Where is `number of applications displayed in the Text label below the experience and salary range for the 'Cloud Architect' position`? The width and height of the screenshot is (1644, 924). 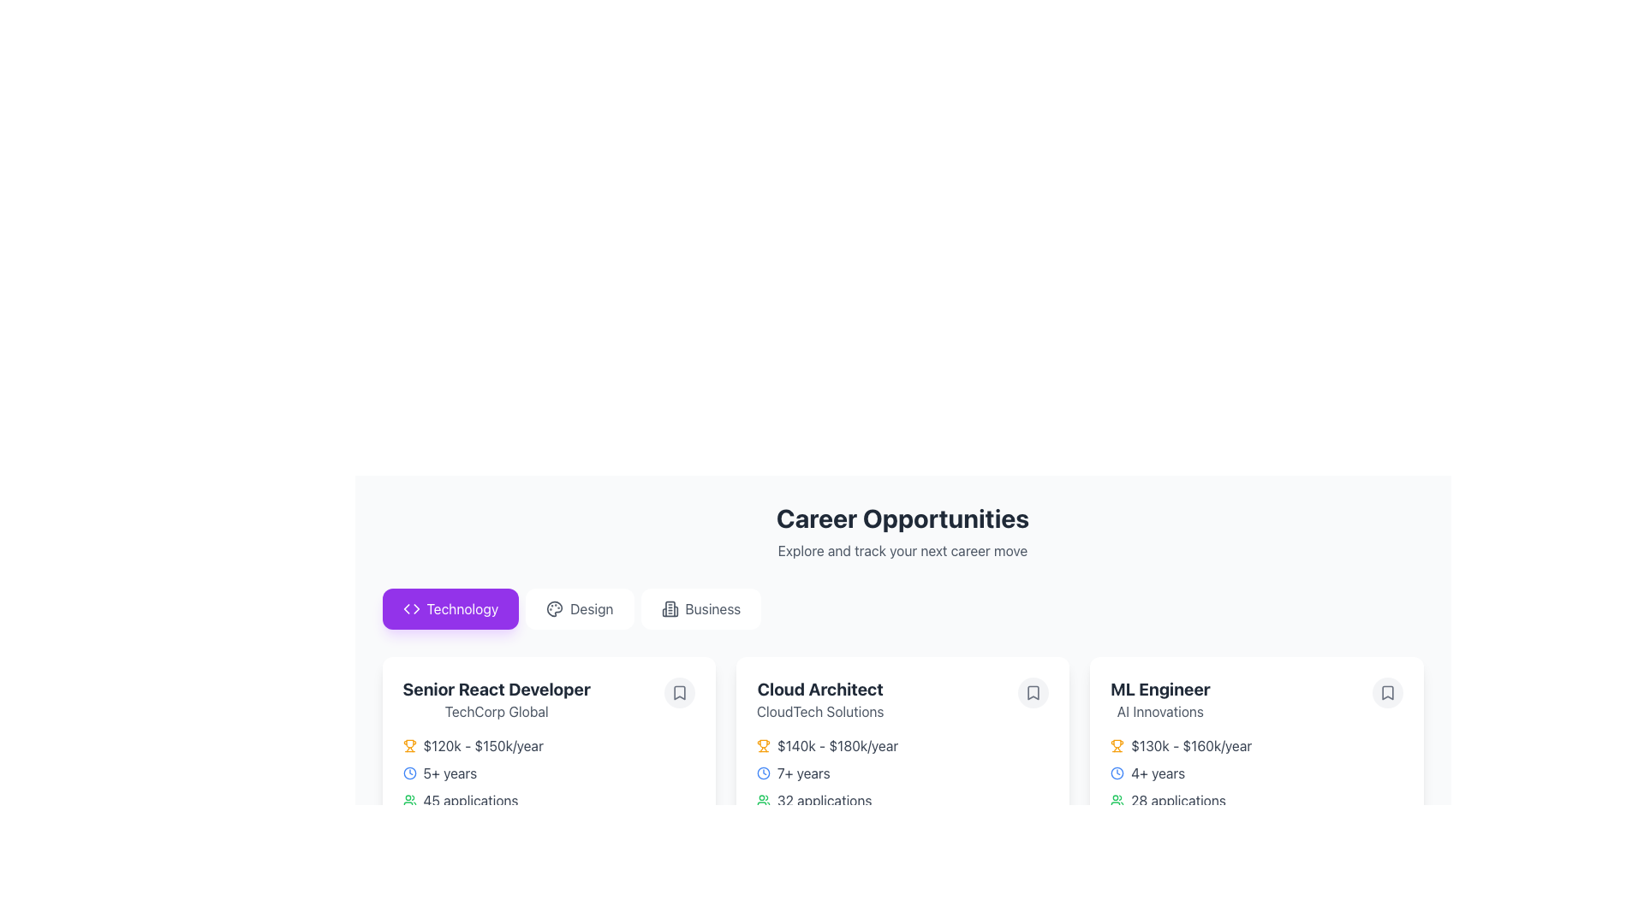 number of applications displayed in the Text label below the experience and salary range for the 'Cloud Architect' position is located at coordinates (825, 801).